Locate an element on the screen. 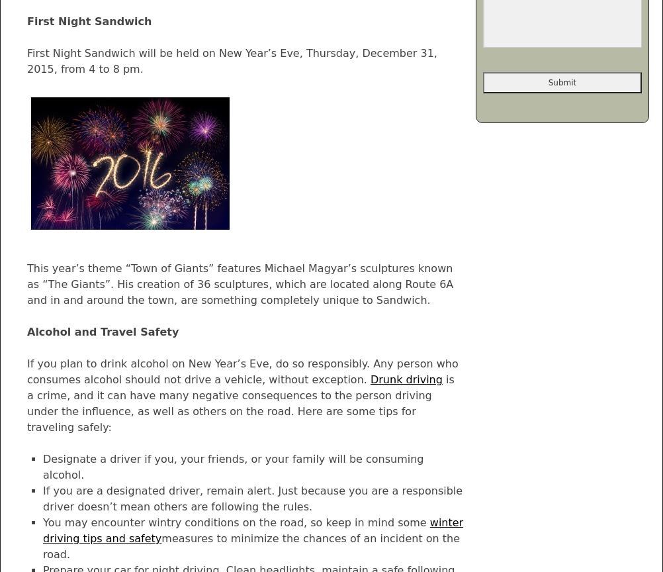  'First Night Sandwich will be held on New Year’s Eve, Thursday, December 31, 2015, from 4 to 8 pm.' is located at coordinates (232, 61).